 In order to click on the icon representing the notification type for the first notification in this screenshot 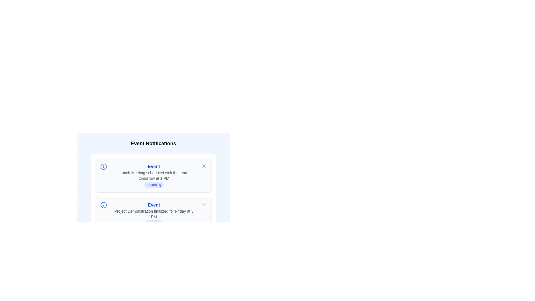, I will do `click(103, 166)`.